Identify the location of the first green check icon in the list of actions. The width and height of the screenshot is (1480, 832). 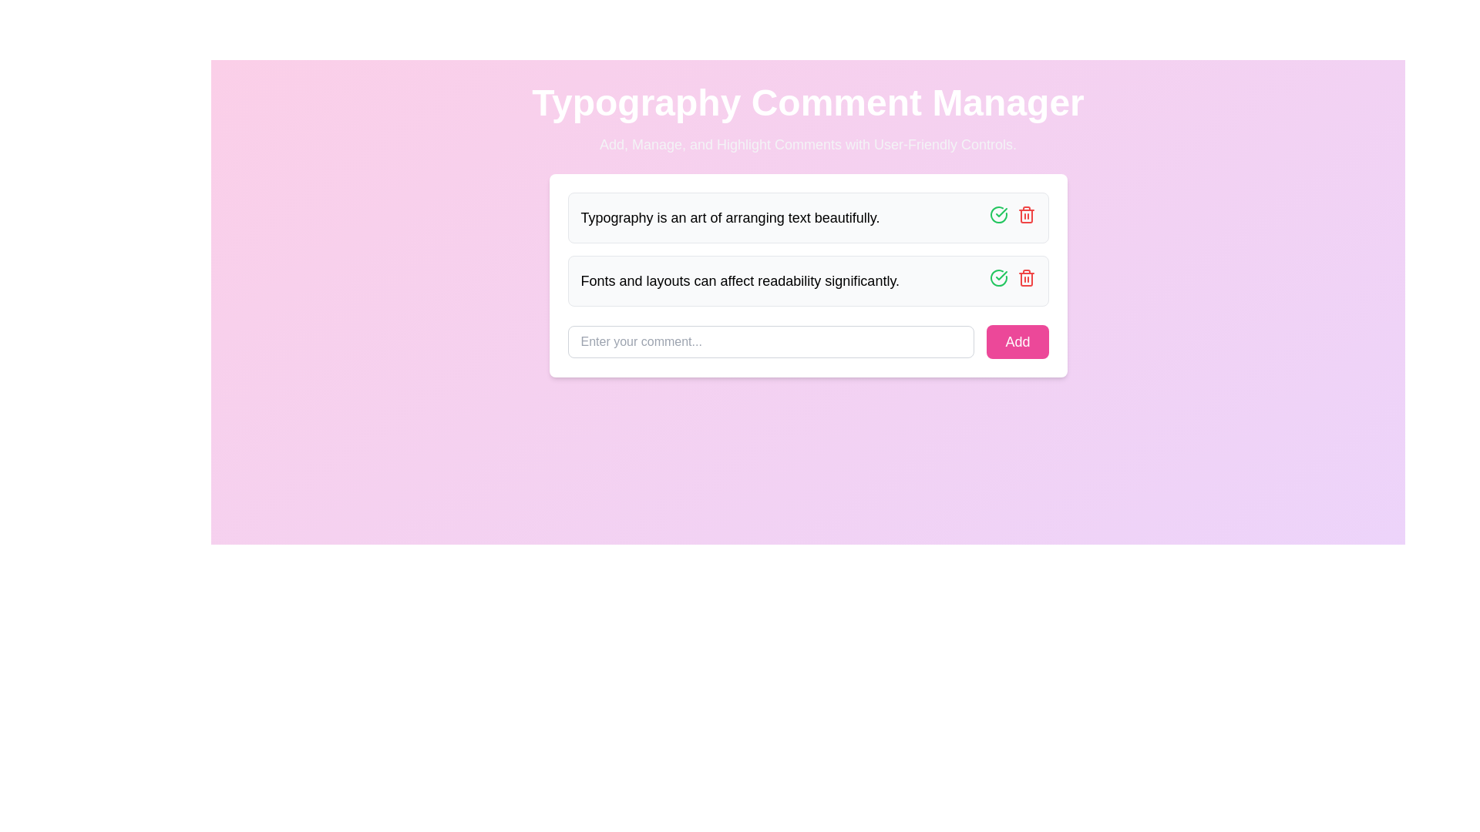
(998, 278).